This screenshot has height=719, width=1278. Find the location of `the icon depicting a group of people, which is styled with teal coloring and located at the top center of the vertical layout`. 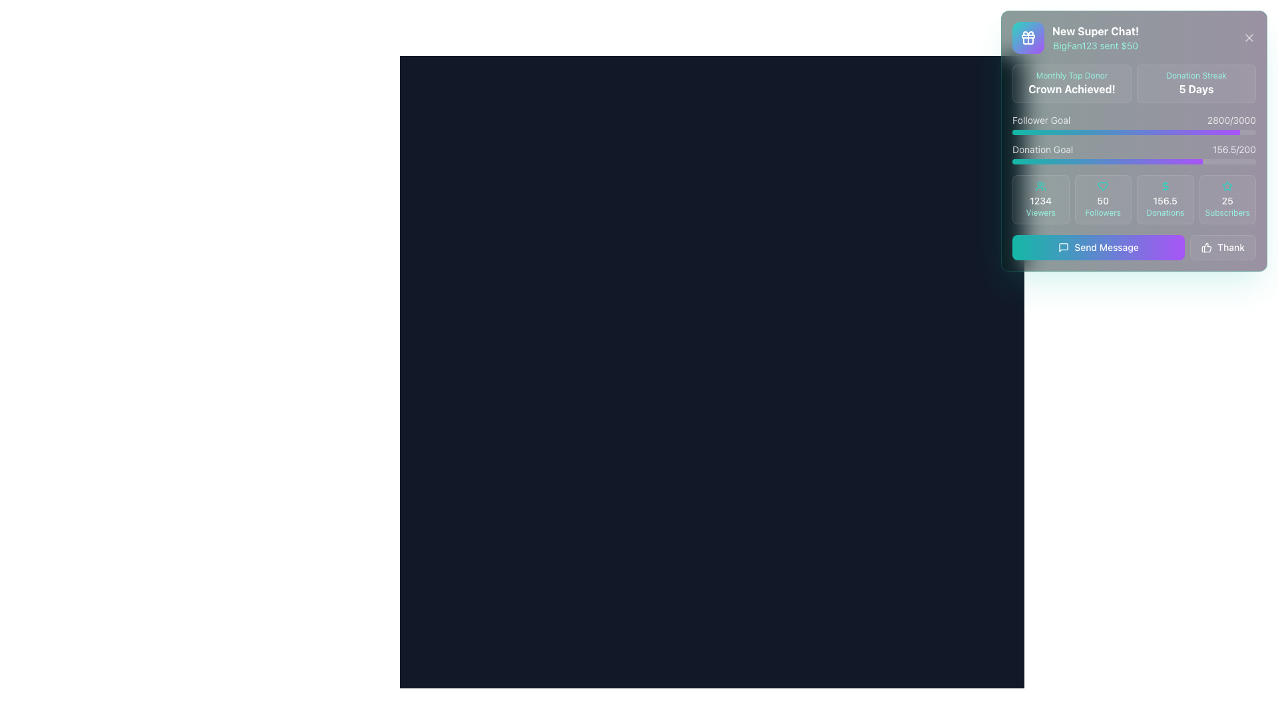

the icon depicting a group of people, which is styled with teal coloring and located at the top center of the vertical layout is located at coordinates (1040, 186).